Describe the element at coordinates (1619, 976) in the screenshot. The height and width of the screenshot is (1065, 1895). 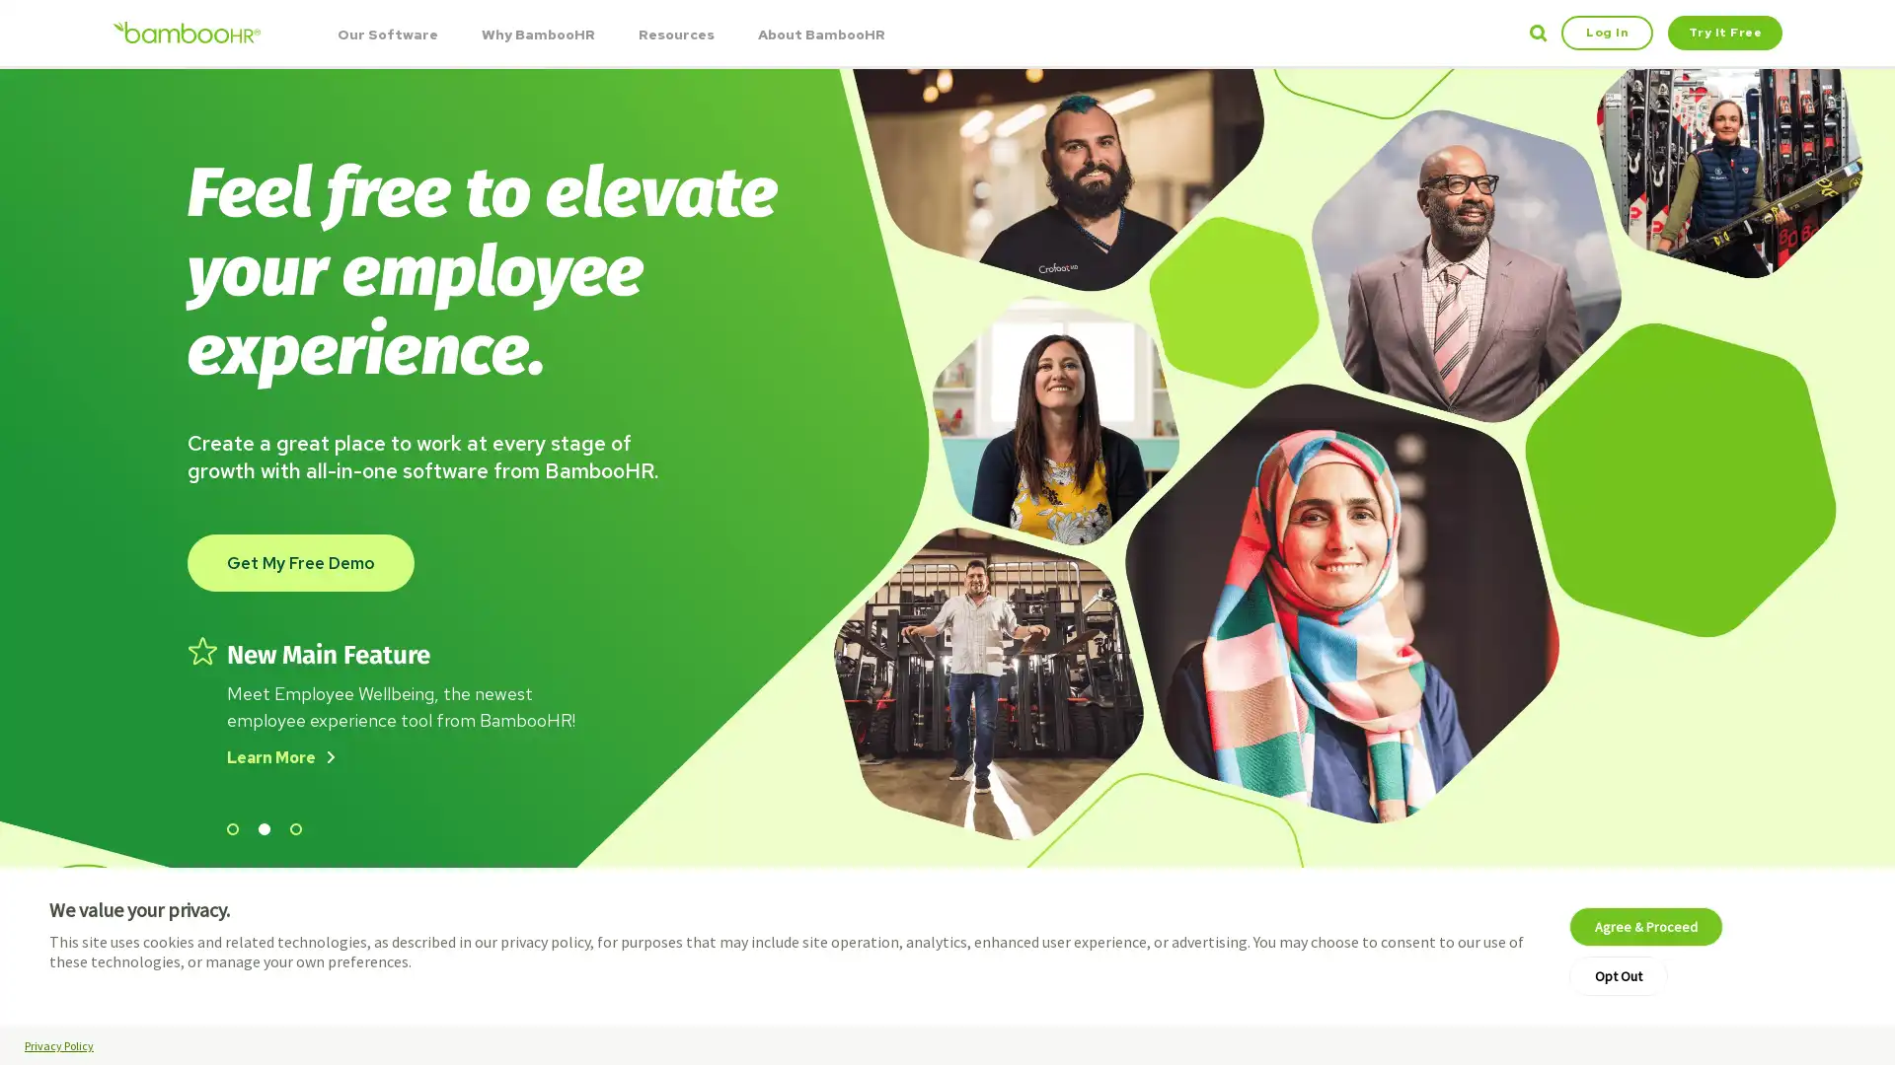
I see `Opt Out` at that location.